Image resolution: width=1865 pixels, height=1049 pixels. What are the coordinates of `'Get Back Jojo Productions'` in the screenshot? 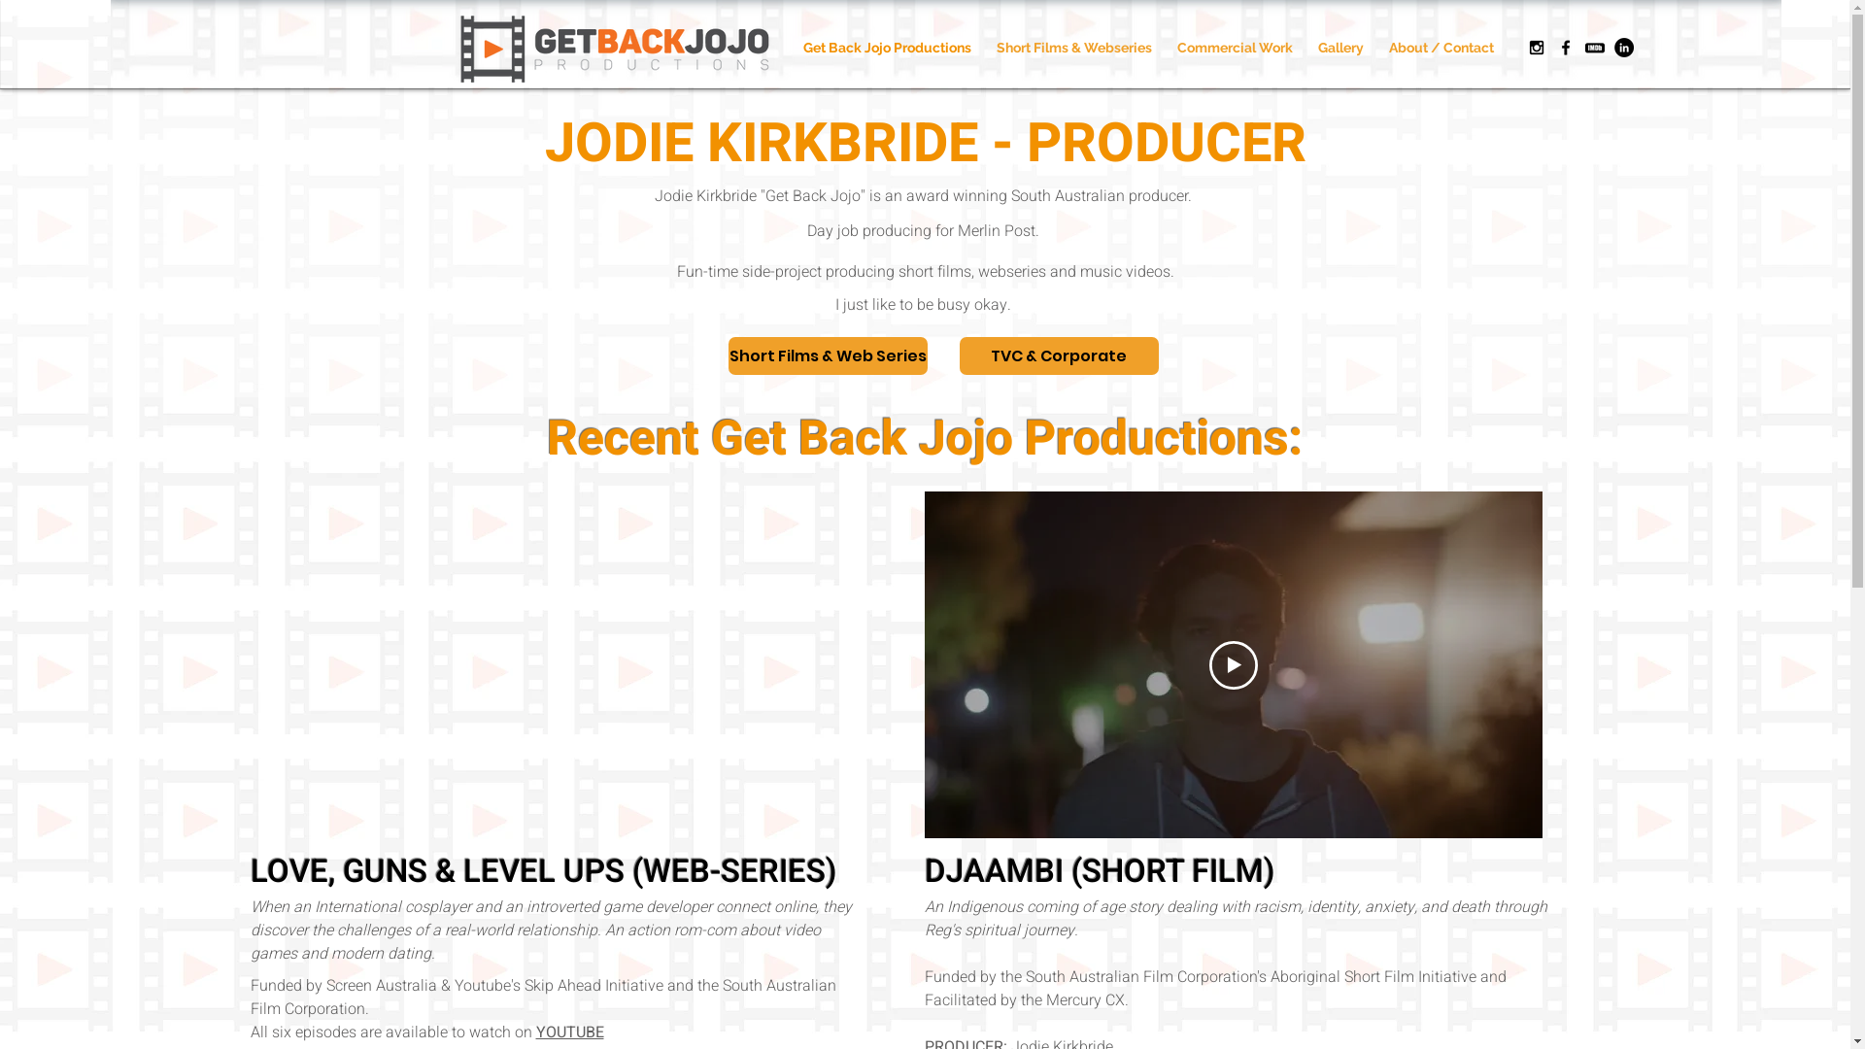 It's located at (886, 47).